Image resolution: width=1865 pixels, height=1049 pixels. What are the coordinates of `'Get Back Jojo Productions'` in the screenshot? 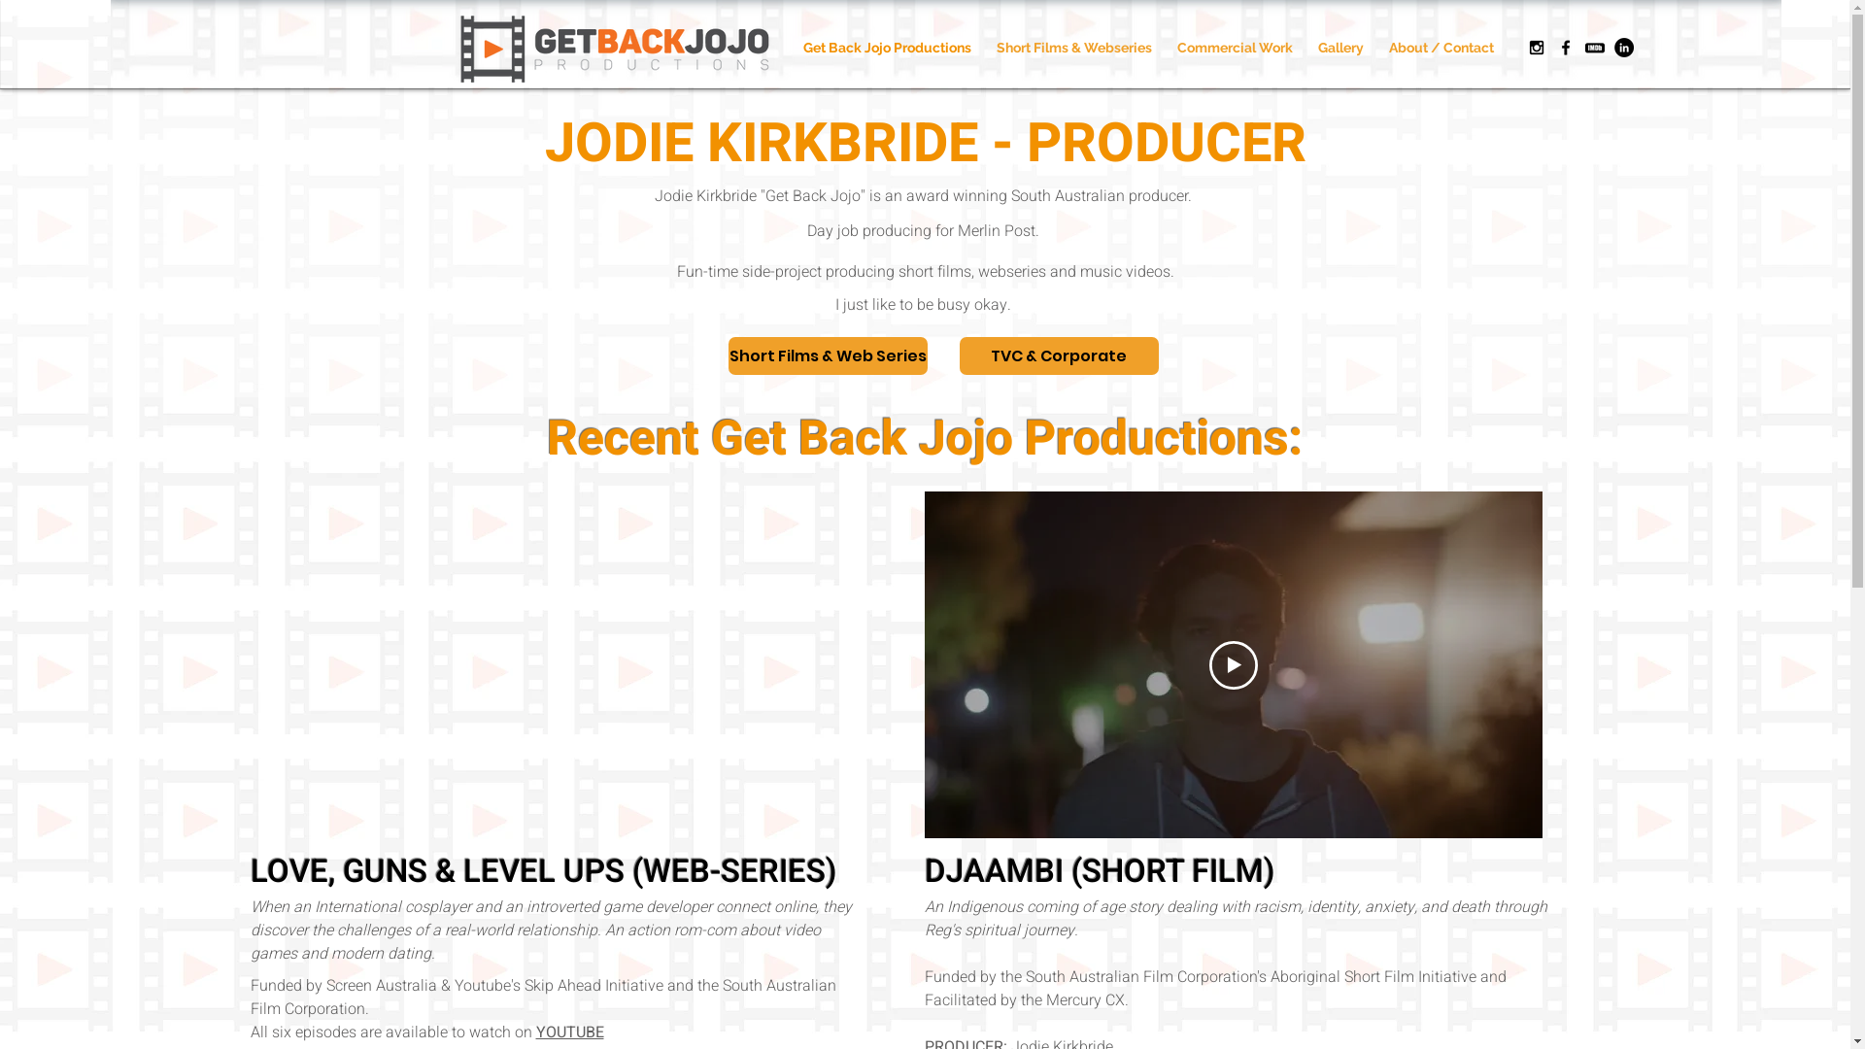 It's located at (886, 47).